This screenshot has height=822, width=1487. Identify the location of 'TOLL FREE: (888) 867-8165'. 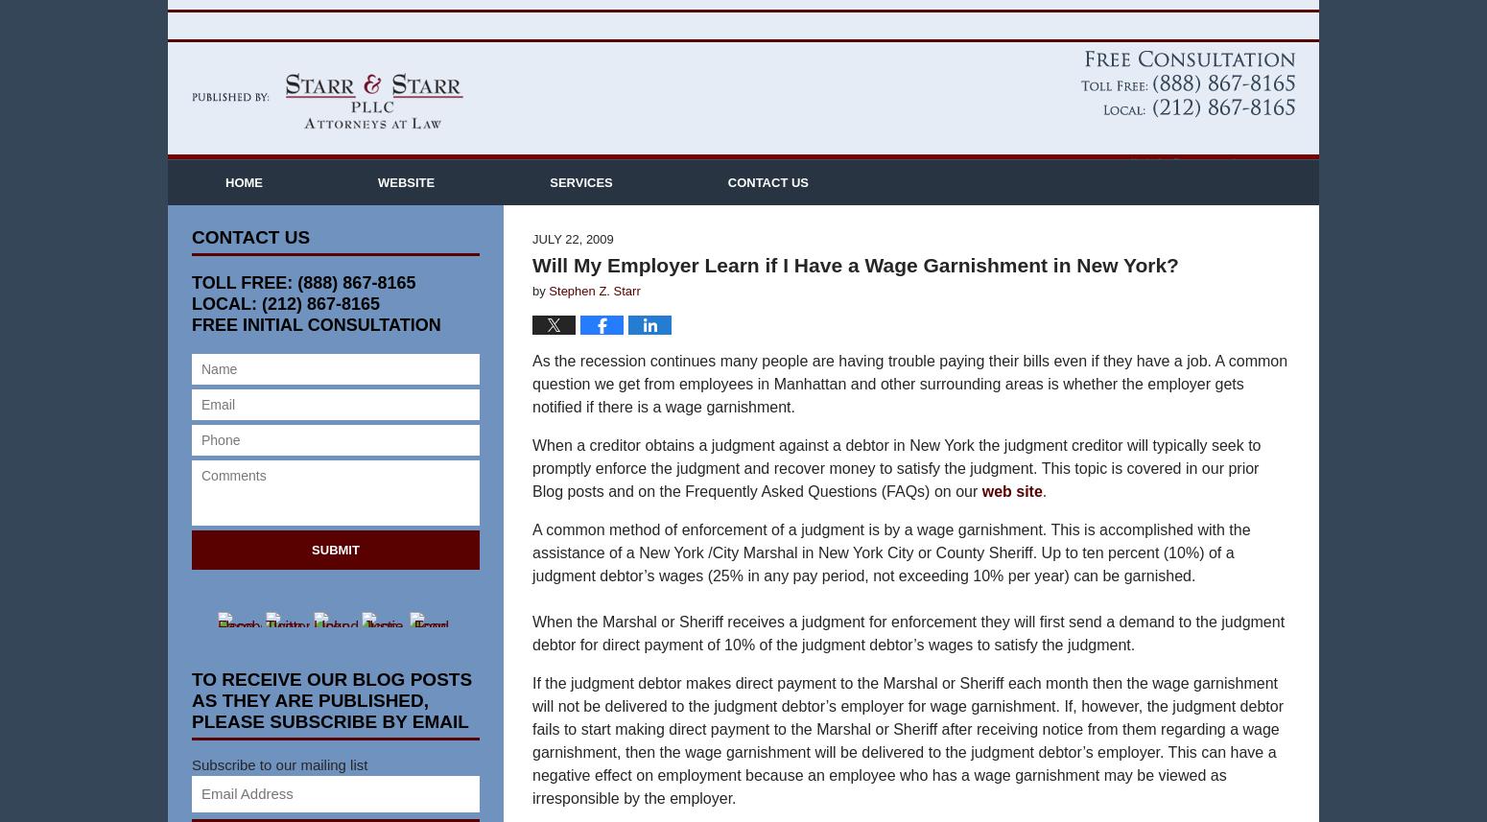
(190, 313).